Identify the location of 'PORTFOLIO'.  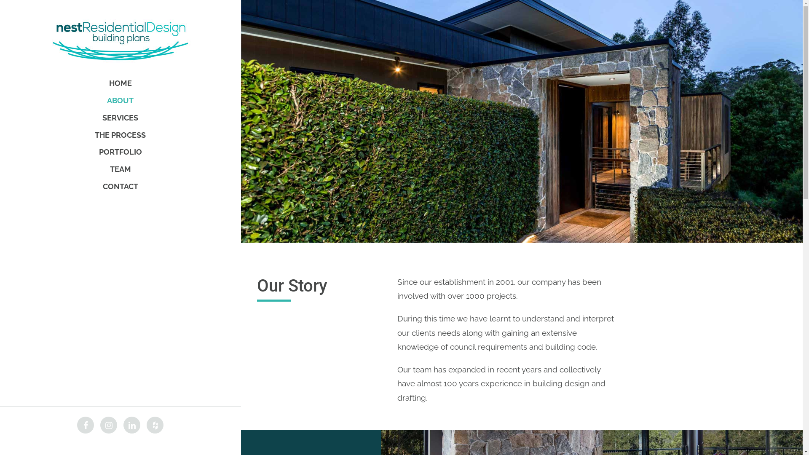
(120, 152).